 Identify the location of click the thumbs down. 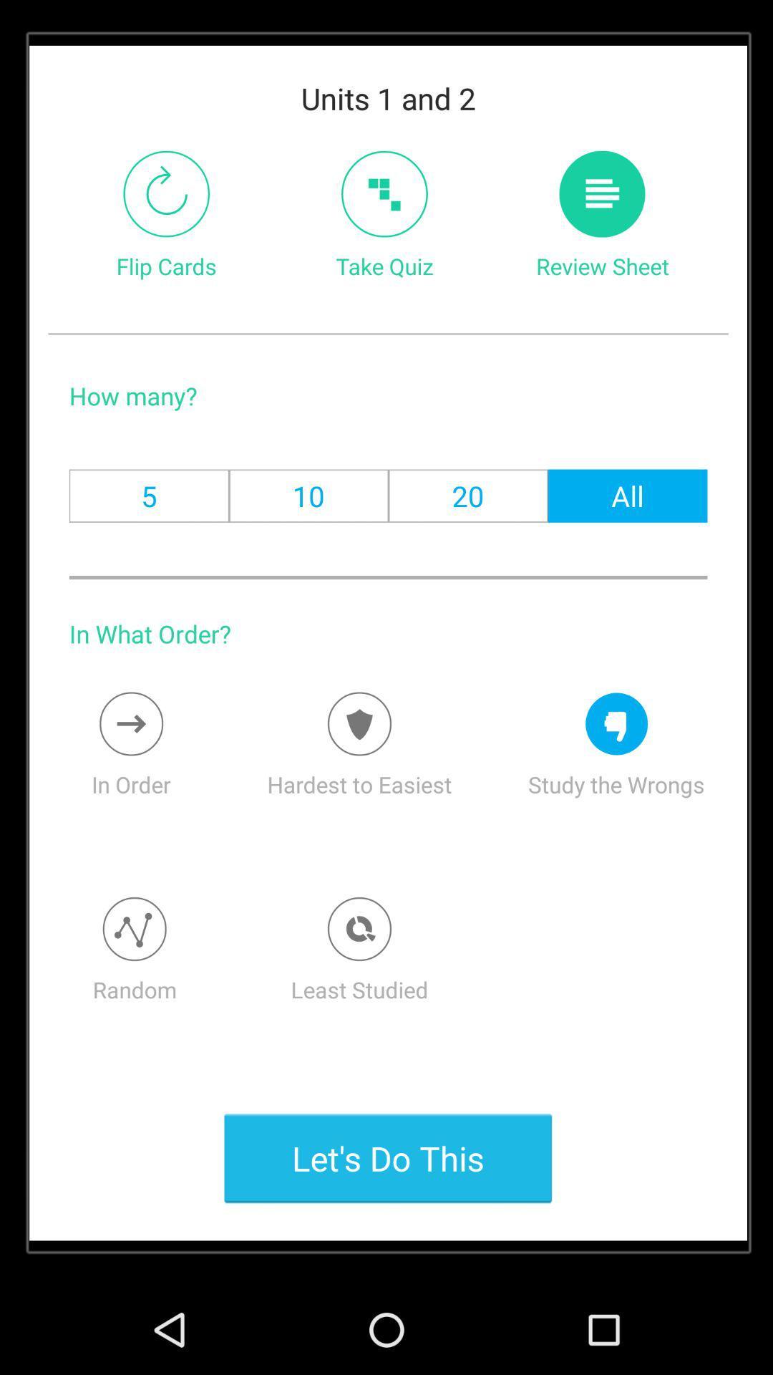
(616, 724).